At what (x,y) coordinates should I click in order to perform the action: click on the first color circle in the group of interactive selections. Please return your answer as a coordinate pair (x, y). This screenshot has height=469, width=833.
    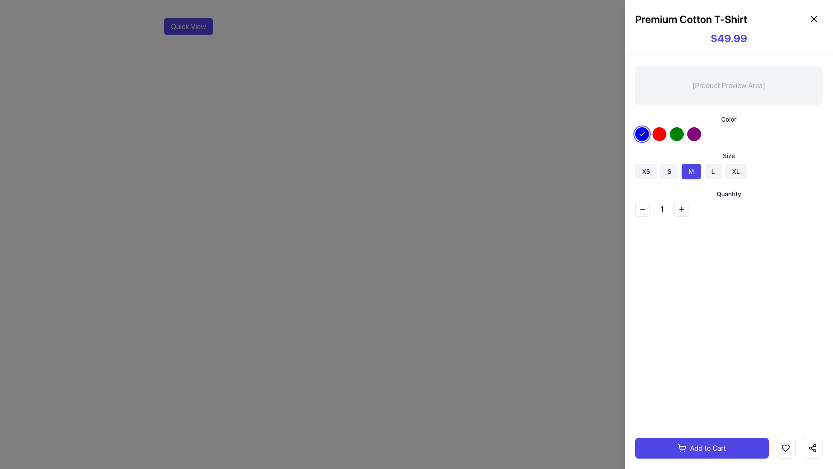
    Looking at the image, I should click on (729, 134).